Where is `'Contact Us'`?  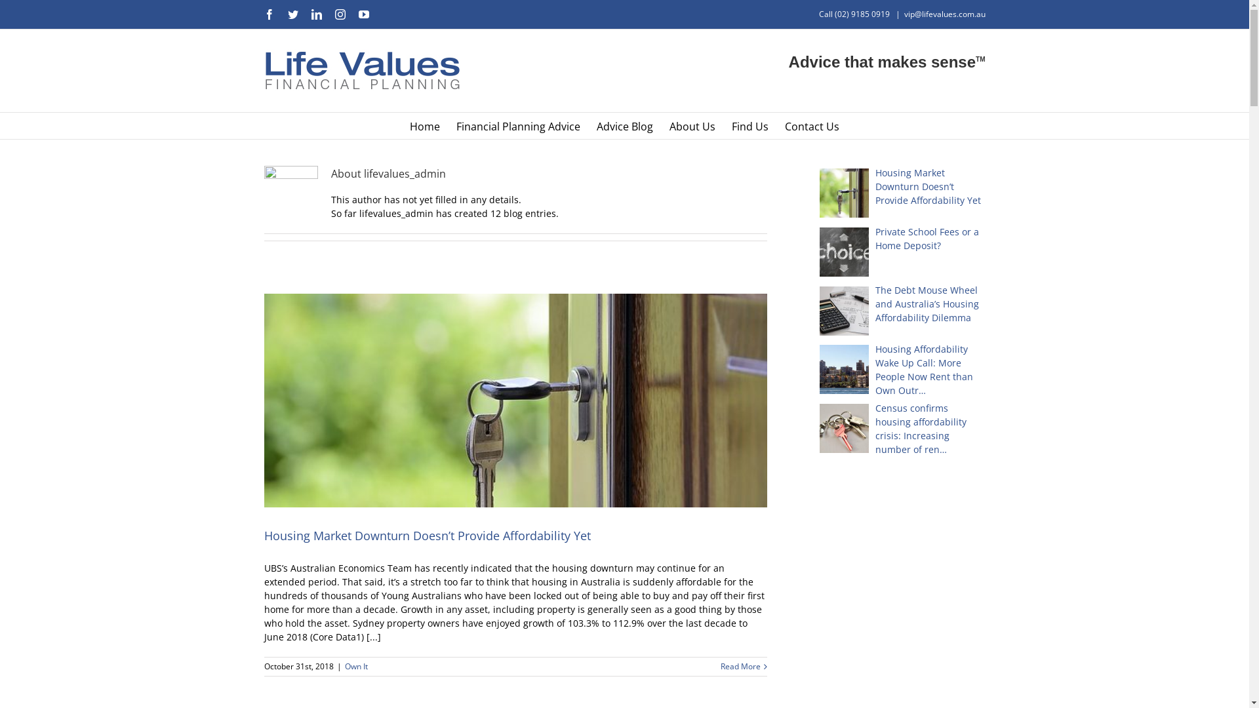 'Contact Us' is located at coordinates (811, 126).